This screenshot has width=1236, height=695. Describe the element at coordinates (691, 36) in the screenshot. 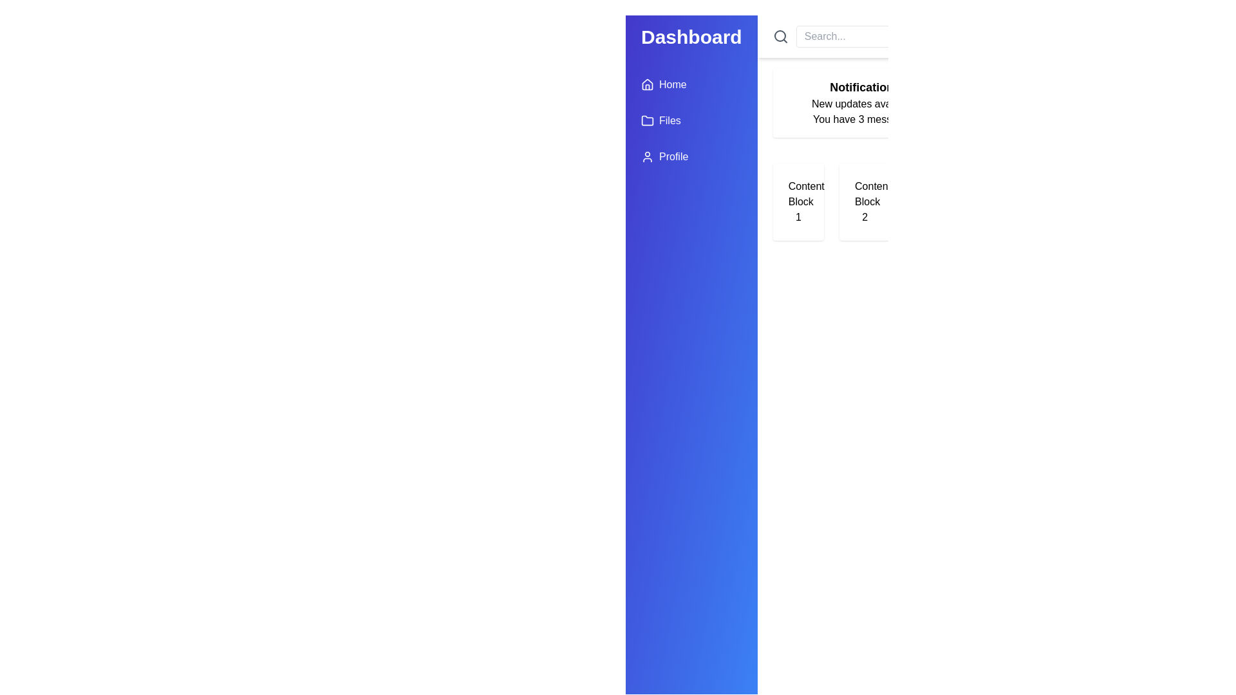

I see `the Text Label that serves as the title for the navigation sidebar, indicating the current section of the interface` at that location.